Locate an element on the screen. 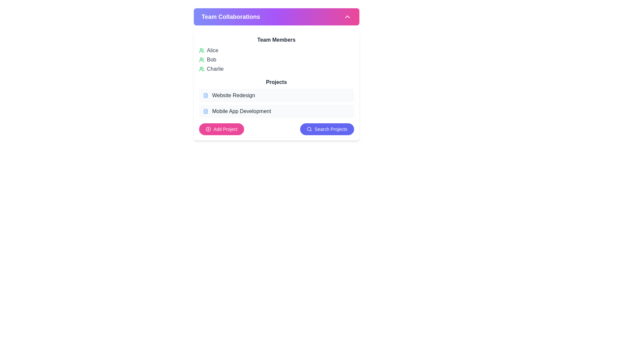 This screenshot has width=636, height=357. text of the header label for the projects section located between the 'Team Members' heading and the project links 'Website Redesign' and 'Mobile App Development' is located at coordinates (276, 82).